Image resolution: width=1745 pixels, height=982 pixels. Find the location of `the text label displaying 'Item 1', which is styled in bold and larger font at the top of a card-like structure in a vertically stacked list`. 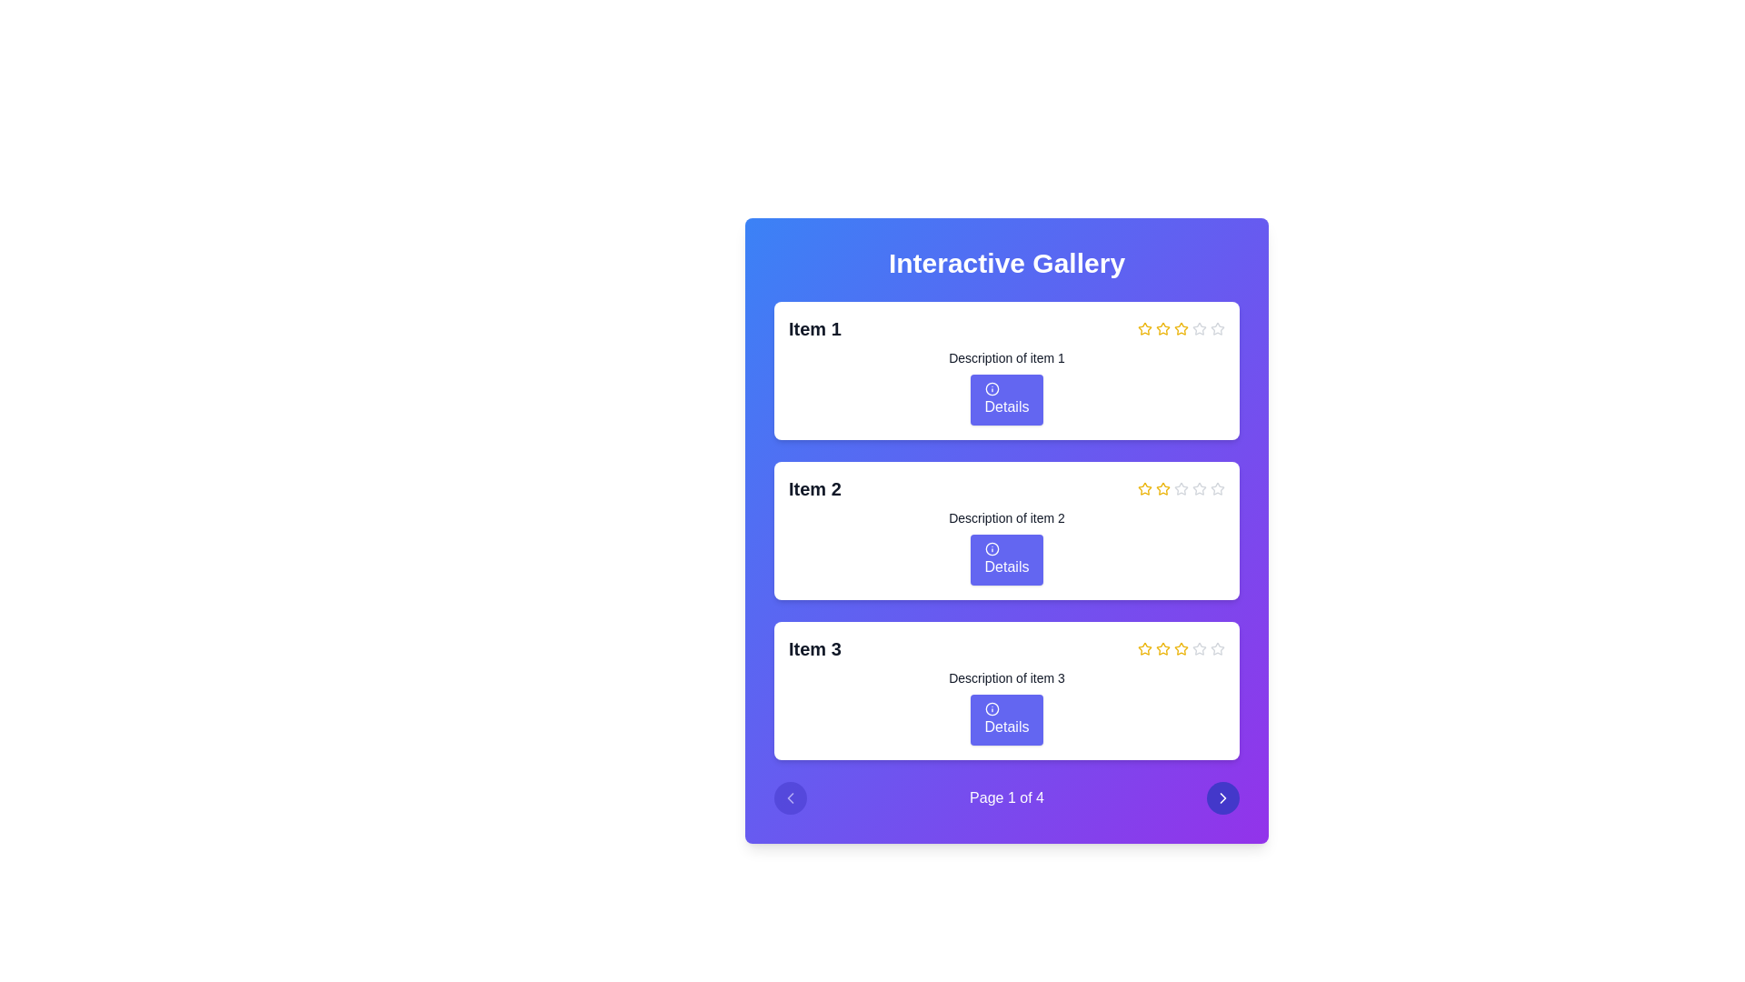

the text label displaying 'Item 1', which is styled in bold and larger font at the top of a card-like structure in a vertically stacked list is located at coordinates (813, 329).